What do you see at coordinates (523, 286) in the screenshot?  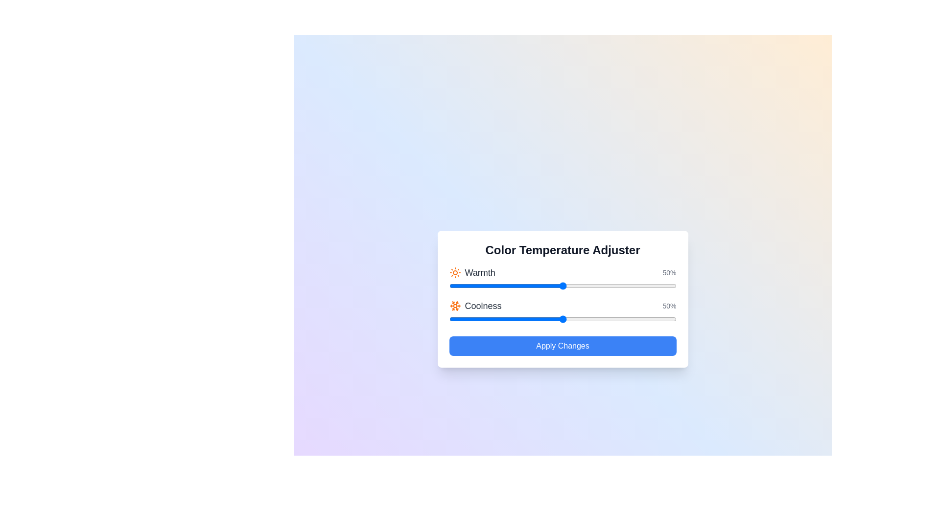 I see `the 'Warmth' slider to 33%` at bounding box center [523, 286].